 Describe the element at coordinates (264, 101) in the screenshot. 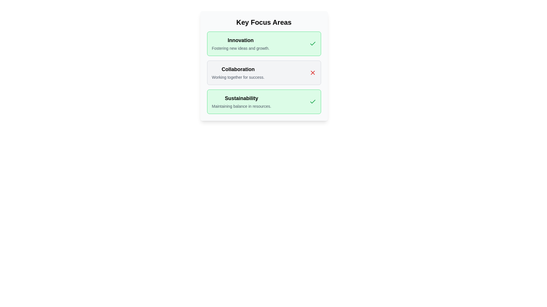

I see `the chip labeled Sustainability` at that location.